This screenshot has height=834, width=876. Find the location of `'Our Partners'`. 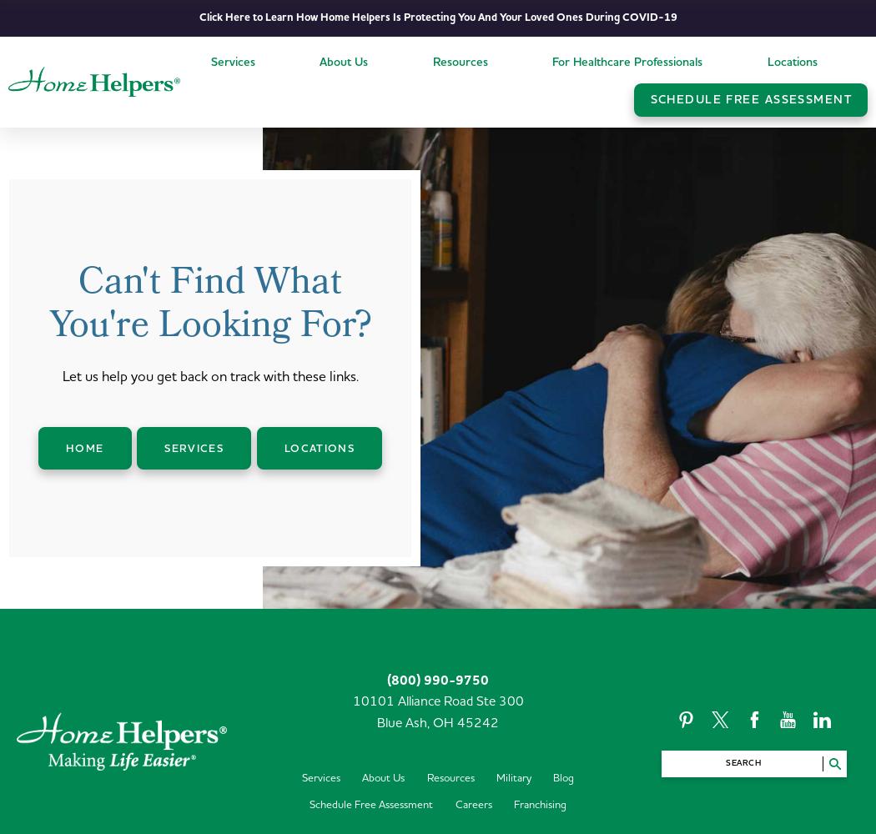

'Our Partners' is located at coordinates (355, 232).